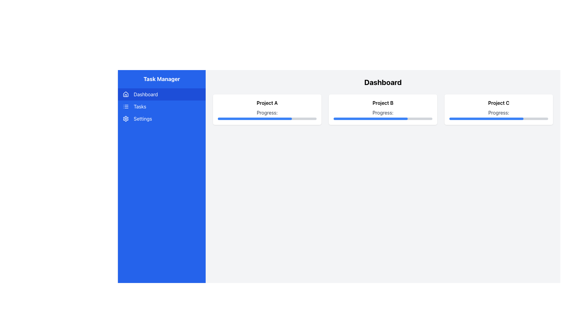 This screenshot has height=329, width=585. What do you see at coordinates (498, 119) in the screenshot?
I see `the progress bar that visually represents the completion progress of 'Project C', located below the text 'Progress:' in the project dashboard` at bounding box center [498, 119].